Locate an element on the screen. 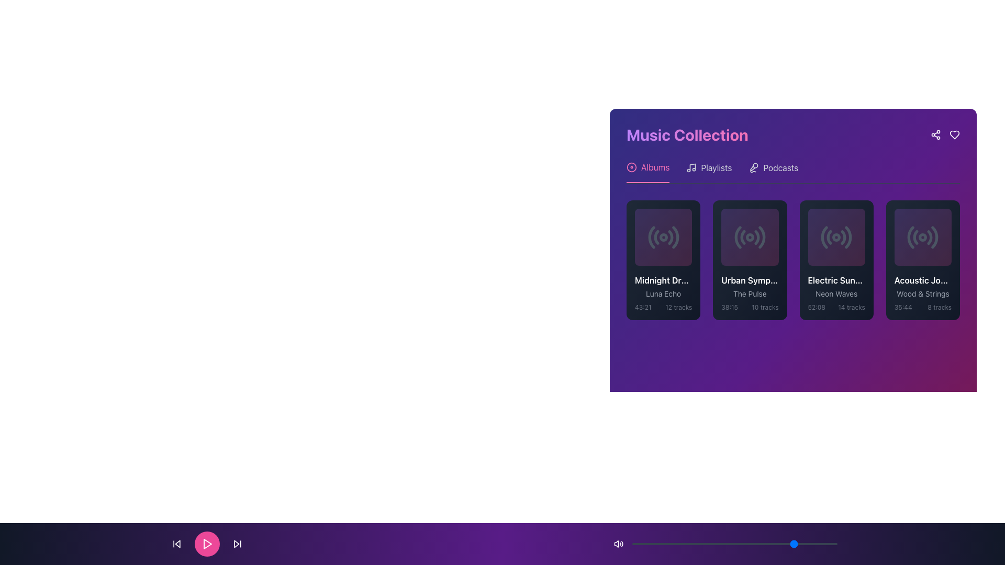  the text label styled as '8 tracks' in small gray font located at the bottom-right corner of the 'Acoustic Journeys' music card, adjacent to '35:44' is located at coordinates (940, 307).